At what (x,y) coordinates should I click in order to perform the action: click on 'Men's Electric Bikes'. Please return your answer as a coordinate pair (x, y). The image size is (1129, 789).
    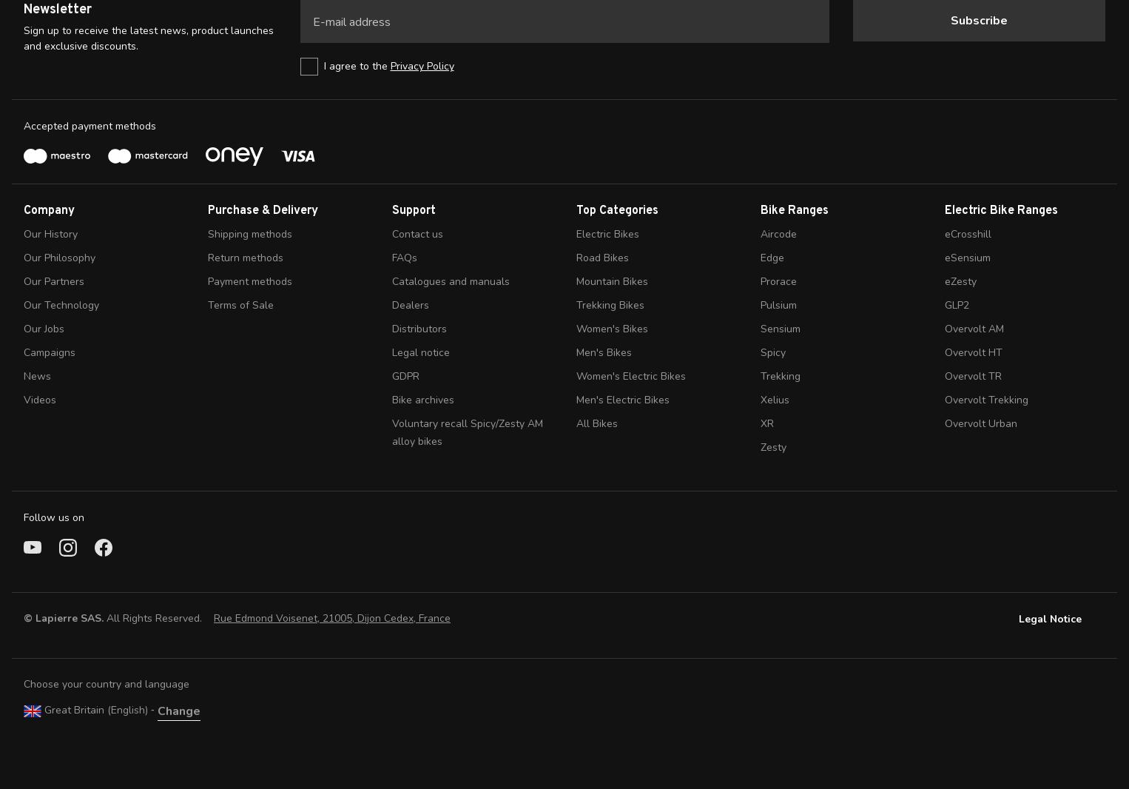
    Looking at the image, I should click on (623, 398).